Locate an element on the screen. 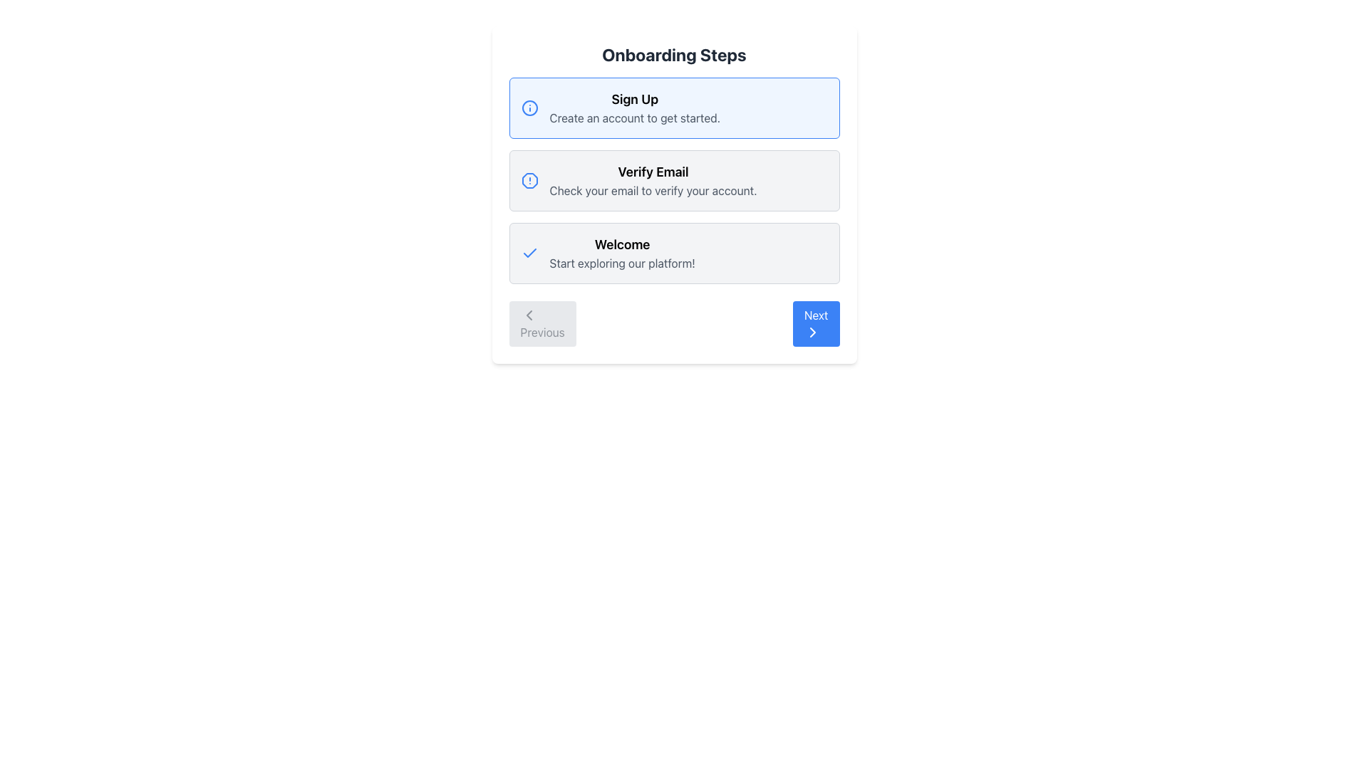 The height and width of the screenshot is (769, 1368). the central circle of the 'Sign Up' icon in the onboarding interface is located at coordinates (529, 107).